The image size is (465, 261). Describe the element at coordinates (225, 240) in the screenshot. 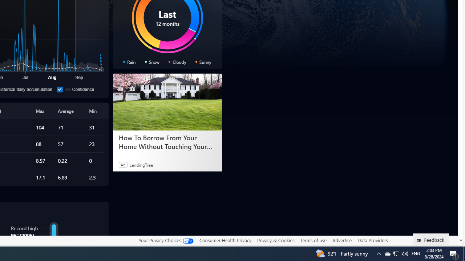

I see `'Consumer Health Privacy'` at that location.